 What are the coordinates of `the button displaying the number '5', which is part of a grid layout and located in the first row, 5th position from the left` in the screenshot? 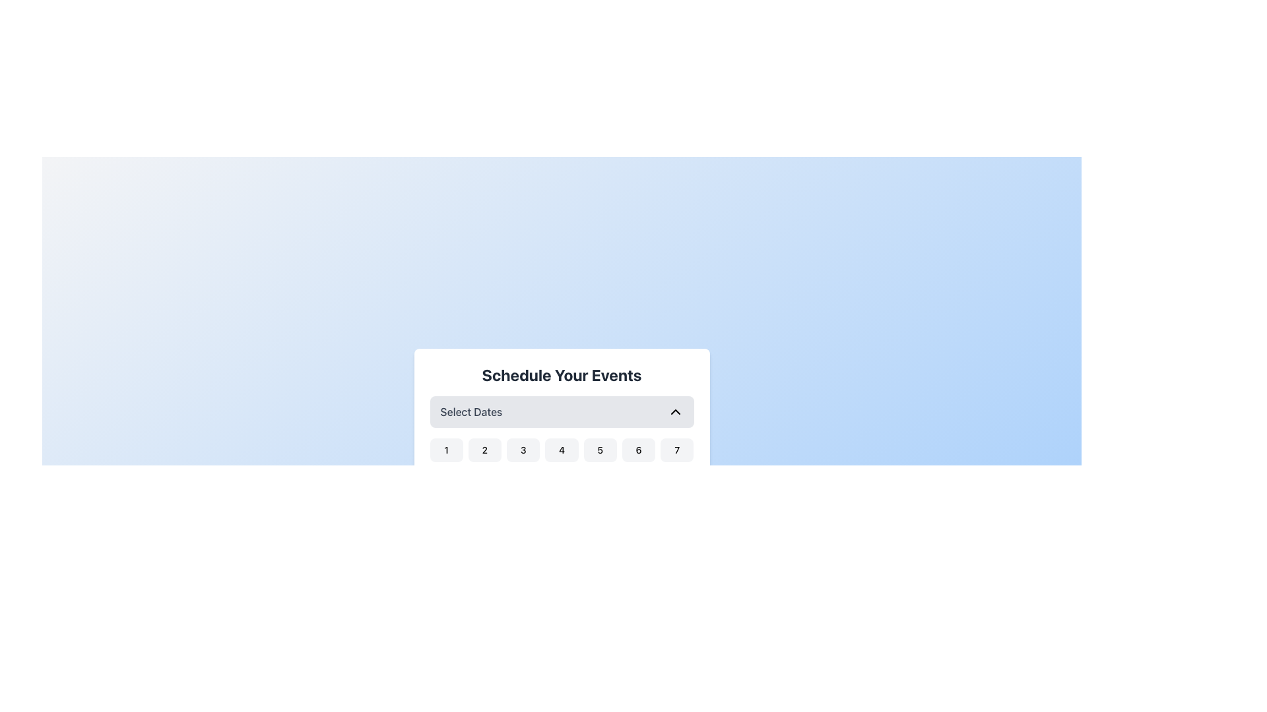 It's located at (599, 450).